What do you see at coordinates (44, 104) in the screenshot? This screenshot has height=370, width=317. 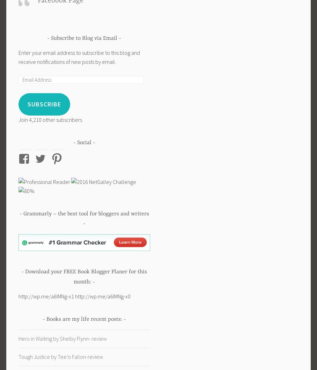 I see `'Subscribe'` at bounding box center [44, 104].